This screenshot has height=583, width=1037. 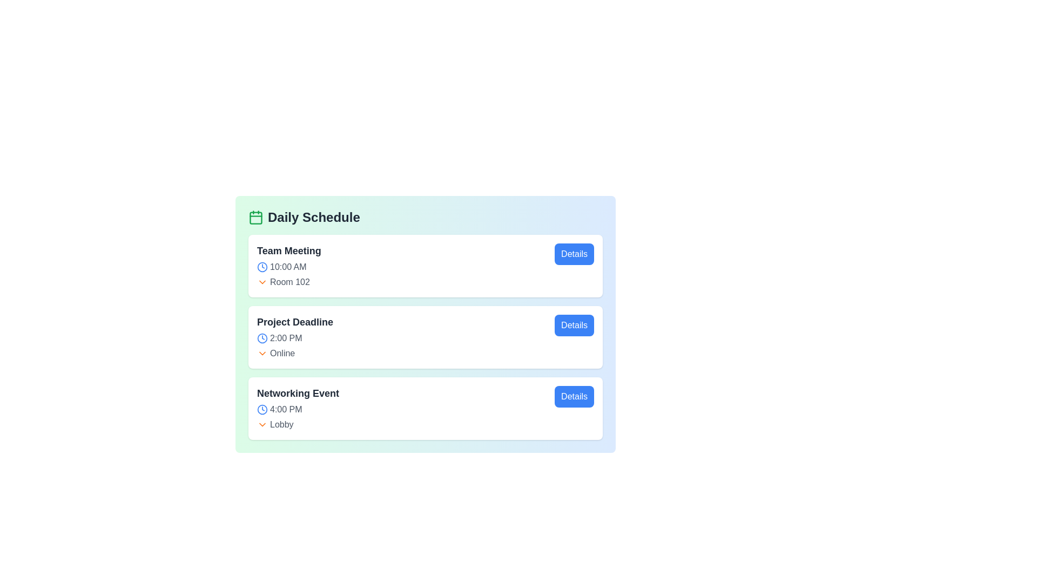 I want to click on the clock icon, which is blue and located at the upper-left corner of the '10:00 AM' time label, so click(x=262, y=267).